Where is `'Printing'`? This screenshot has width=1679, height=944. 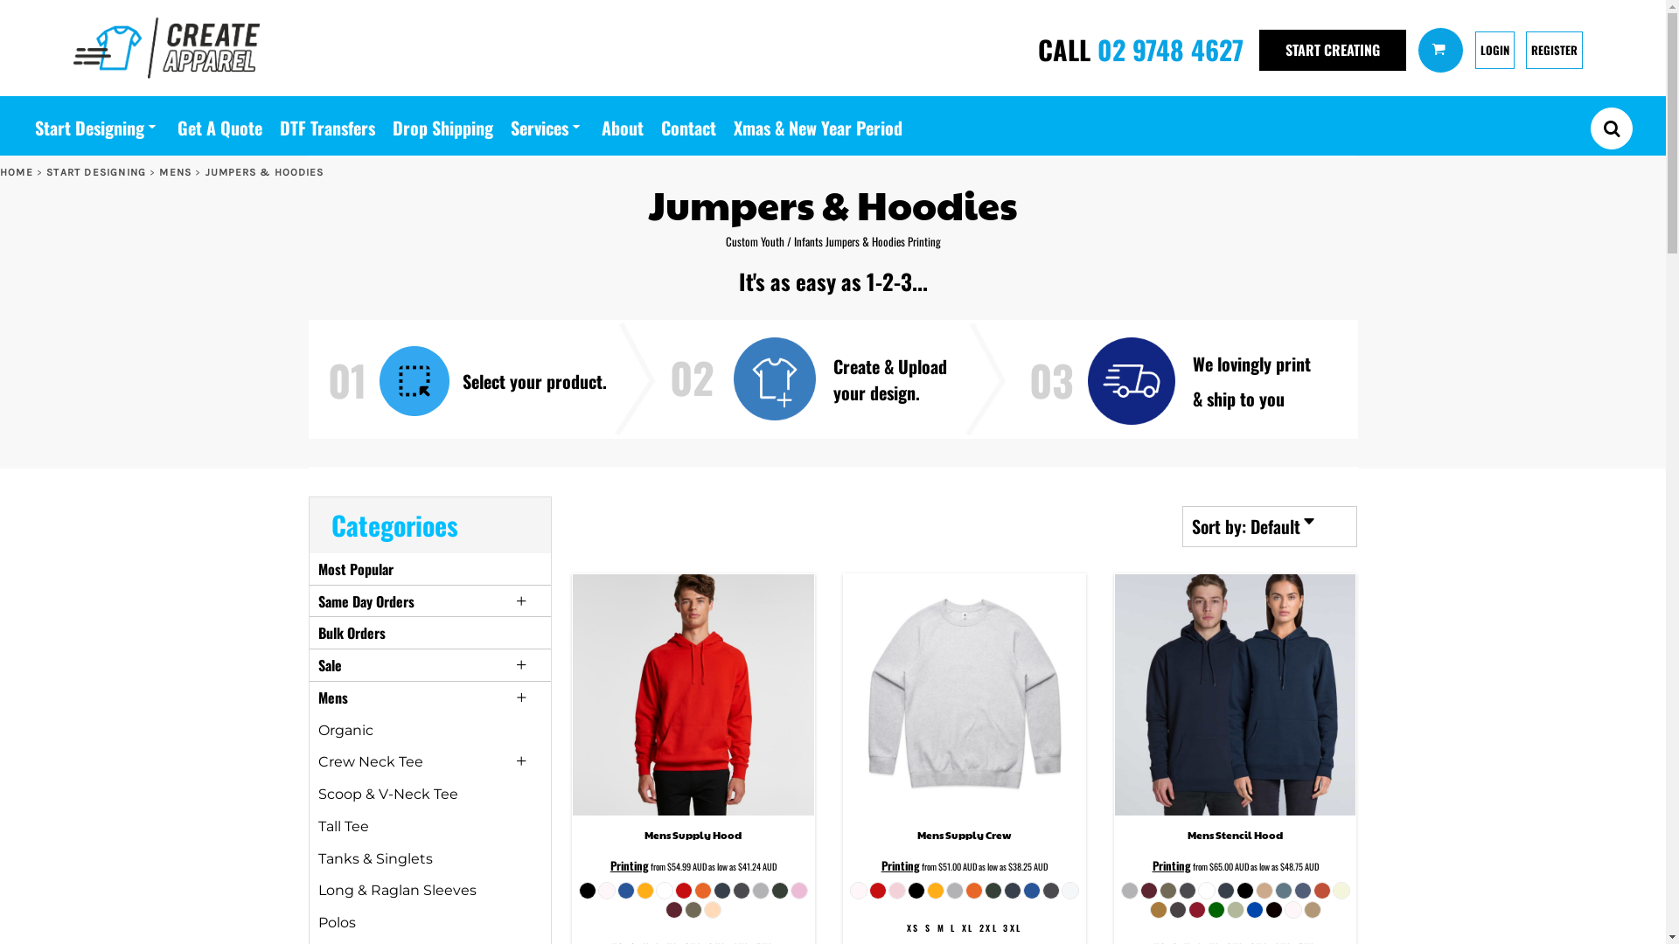 'Printing' is located at coordinates (630, 865).